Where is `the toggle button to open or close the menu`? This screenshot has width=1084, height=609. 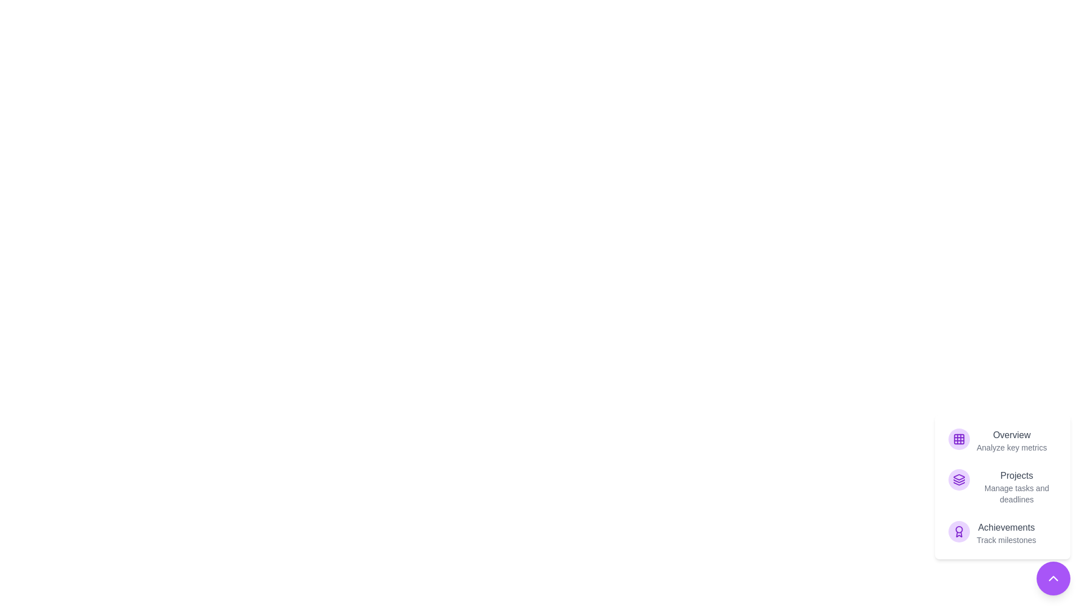 the toggle button to open or close the menu is located at coordinates (1053, 579).